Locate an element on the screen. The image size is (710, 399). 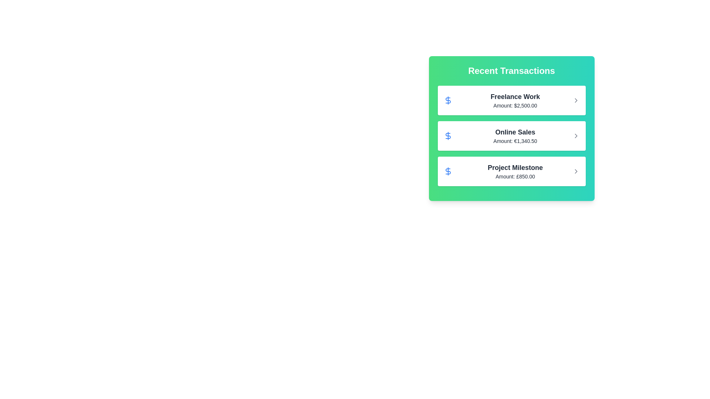
the text label 'Project Milestone' is located at coordinates (515, 168).